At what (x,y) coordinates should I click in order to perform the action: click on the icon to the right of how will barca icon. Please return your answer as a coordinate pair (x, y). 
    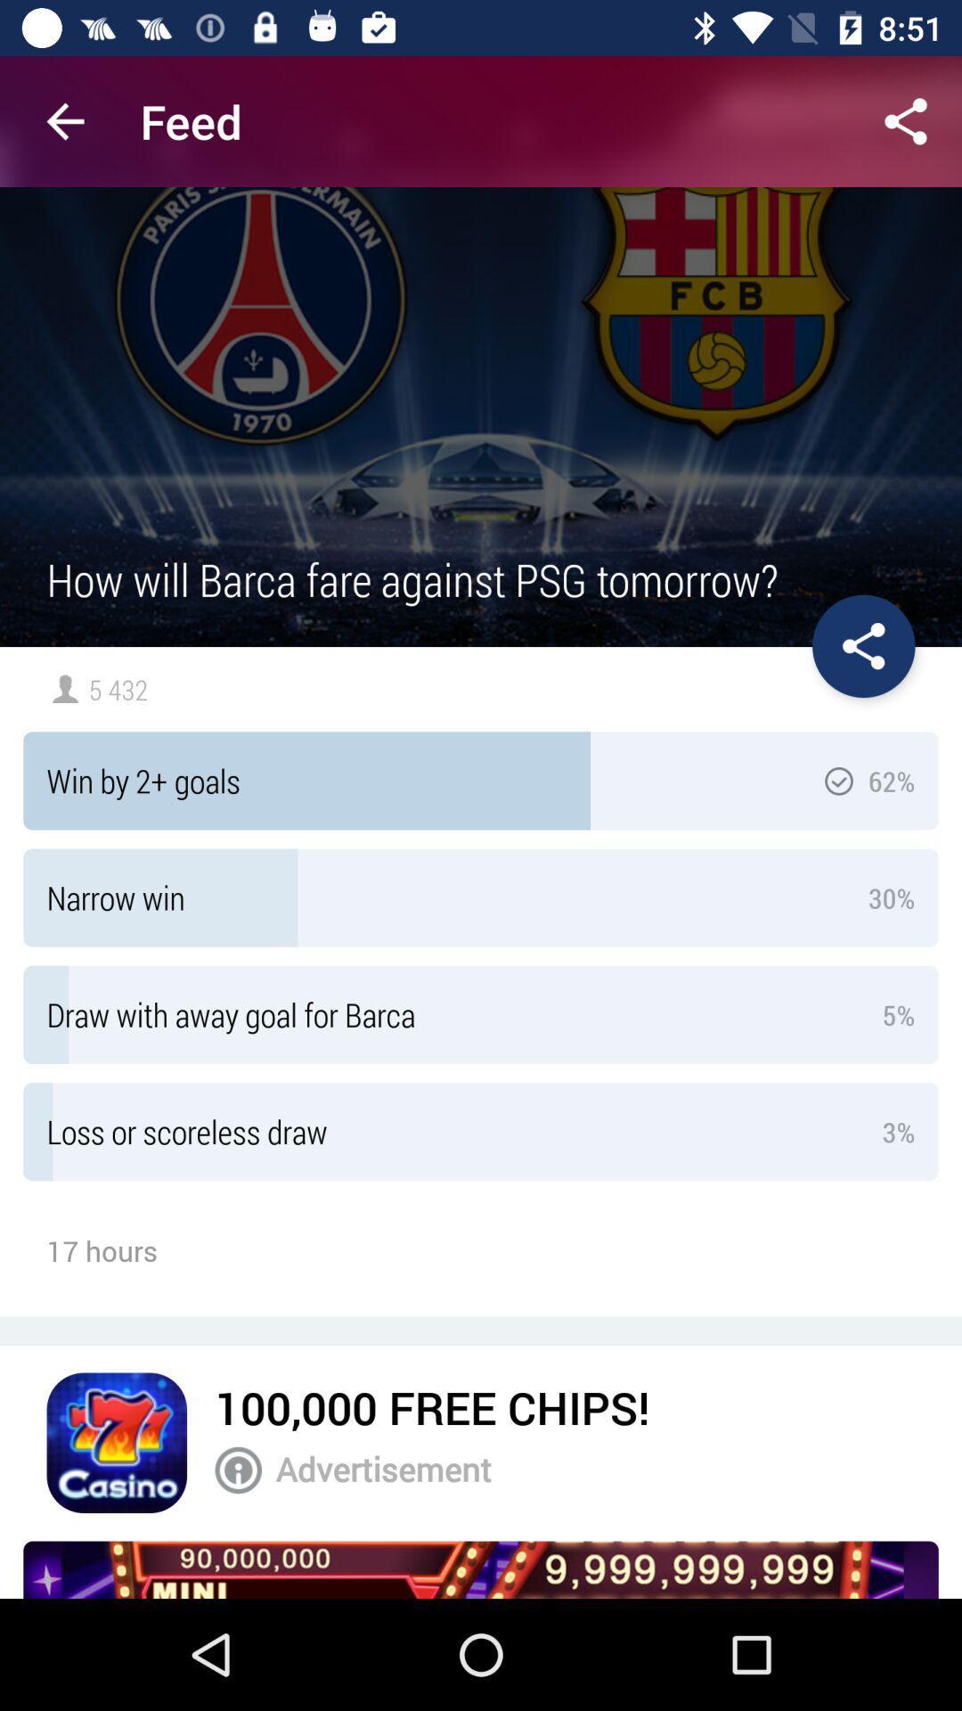
    Looking at the image, I should click on (862, 645).